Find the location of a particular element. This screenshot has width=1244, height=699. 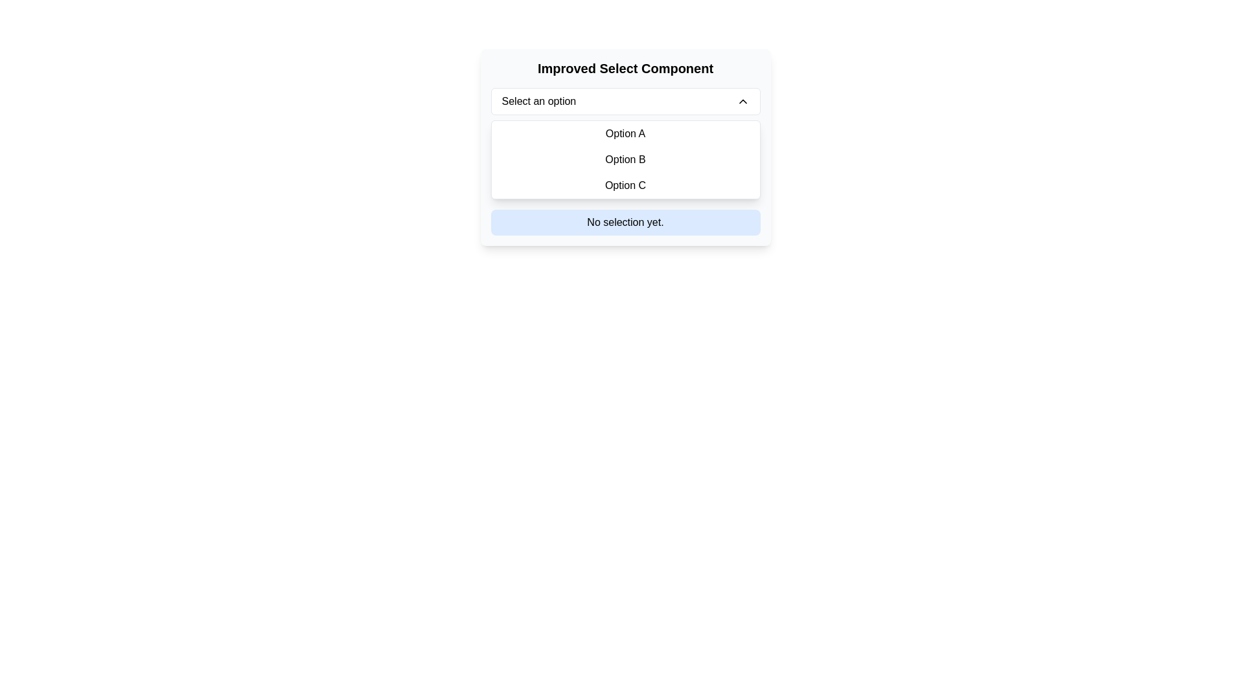

the status message indicating that no option has been selected in the 'Improved Select Component' panel is located at coordinates (625, 221).